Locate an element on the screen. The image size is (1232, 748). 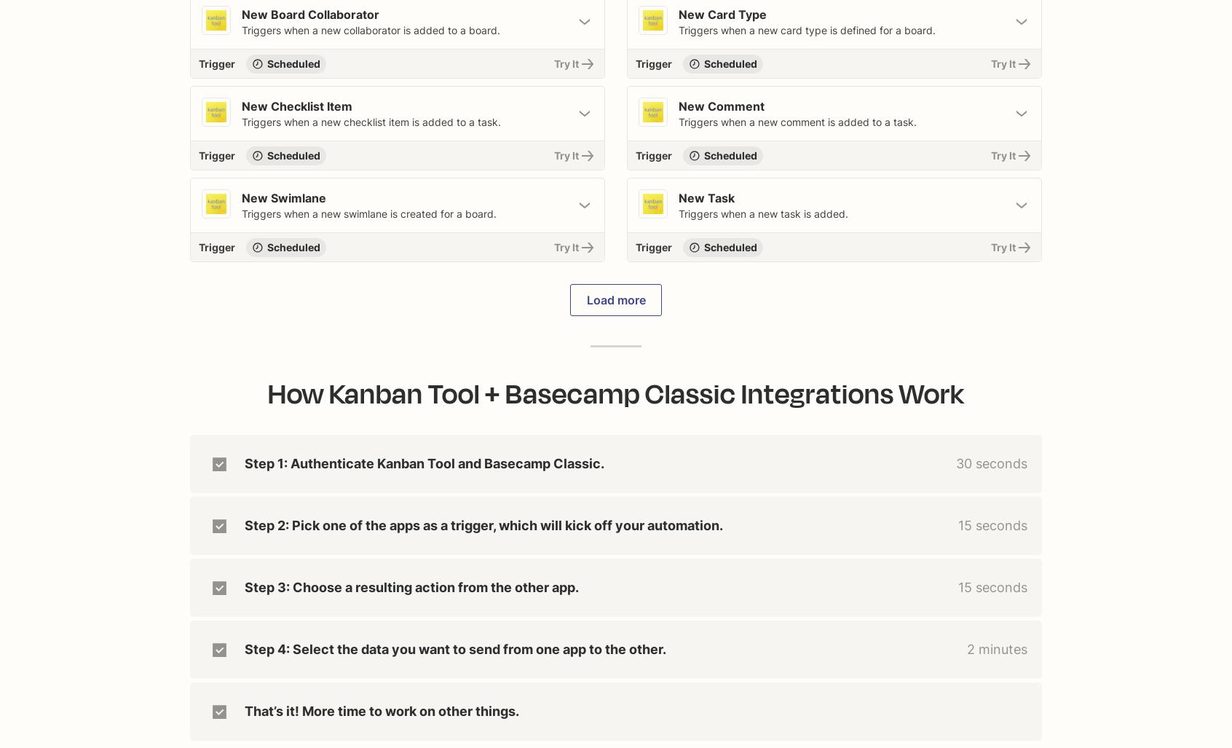
'30 seconds' is located at coordinates (955, 462).